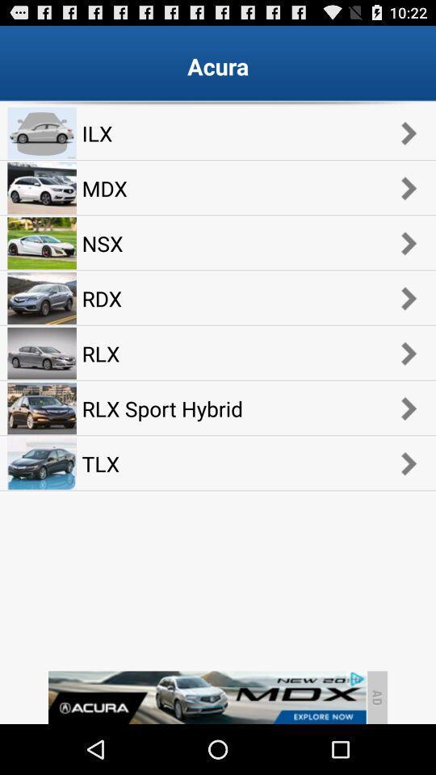 The width and height of the screenshot is (436, 775). Describe the element at coordinates (207, 697) in the screenshot. I see `click the advertisement at bottom` at that location.